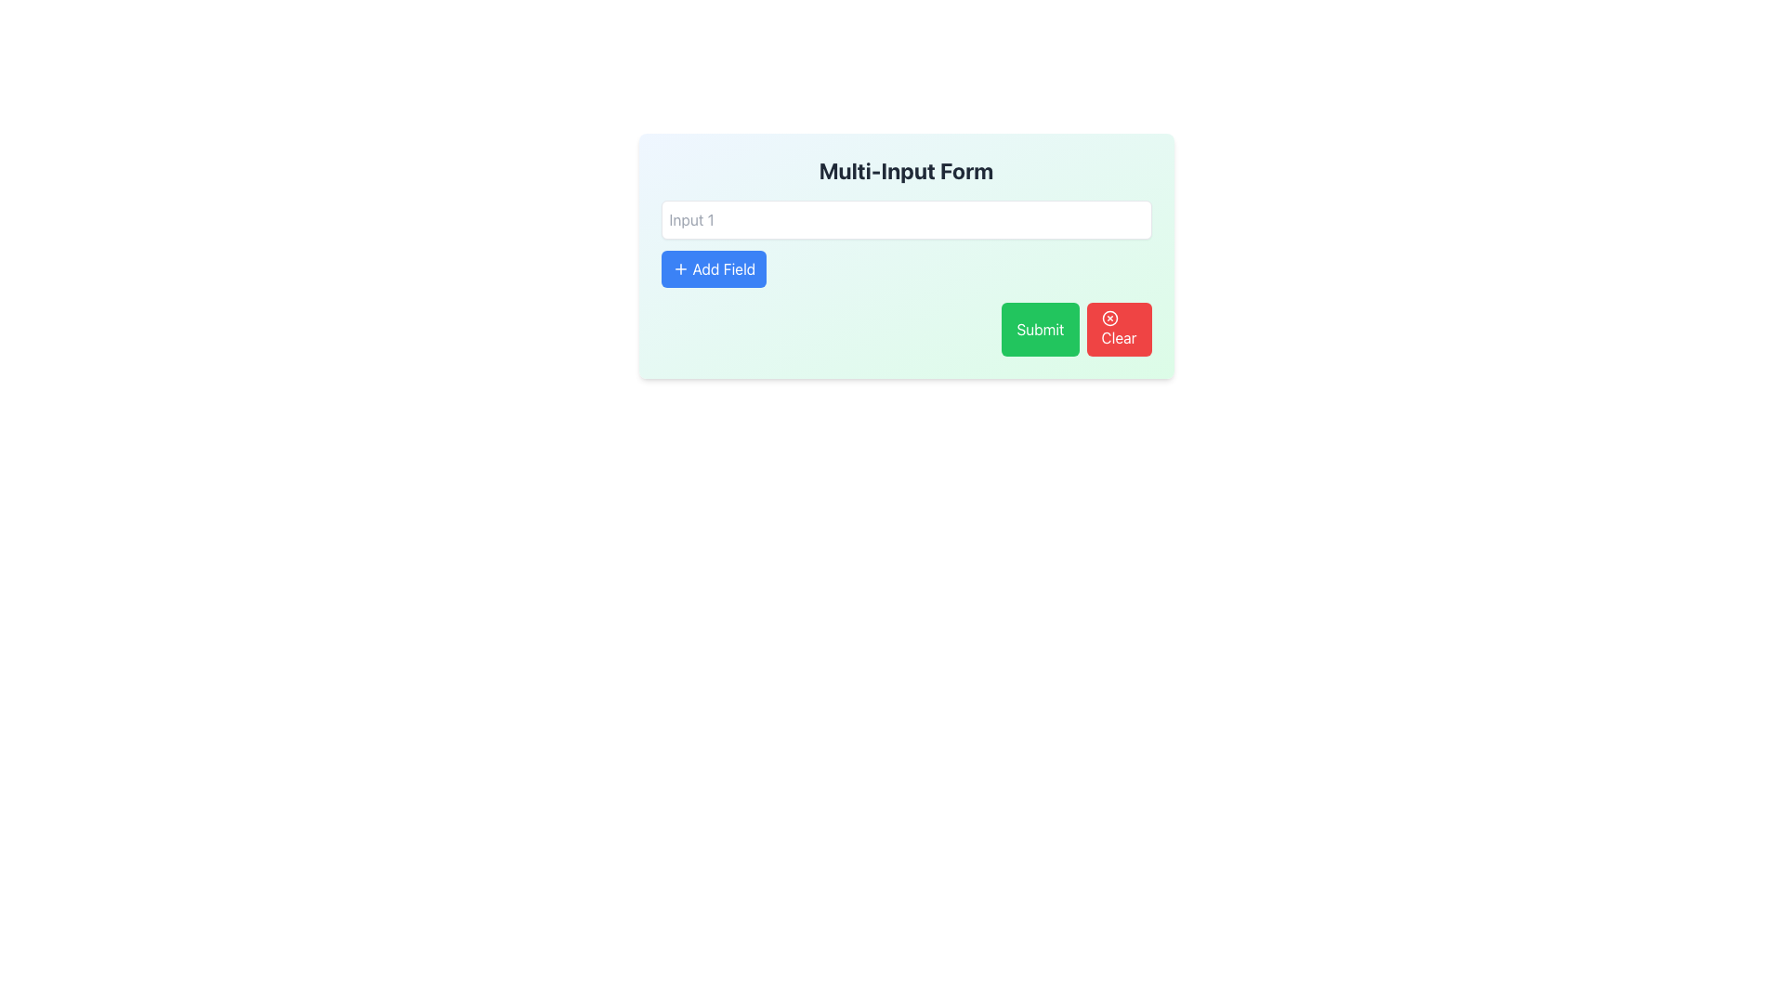  What do you see at coordinates (723, 268) in the screenshot?
I see `text label within the 'Add Field' button, which indicates its functionality to add a new input field` at bounding box center [723, 268].